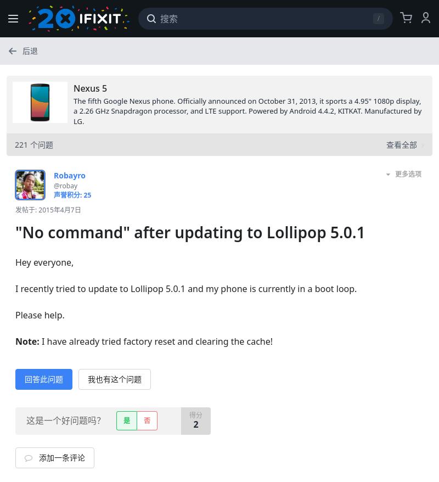 This screenshot has height=482, width=439. What do you see at coordinates (26, 340) in the screenshot?
I see `'Note:'` at bounding box center [26, 340].